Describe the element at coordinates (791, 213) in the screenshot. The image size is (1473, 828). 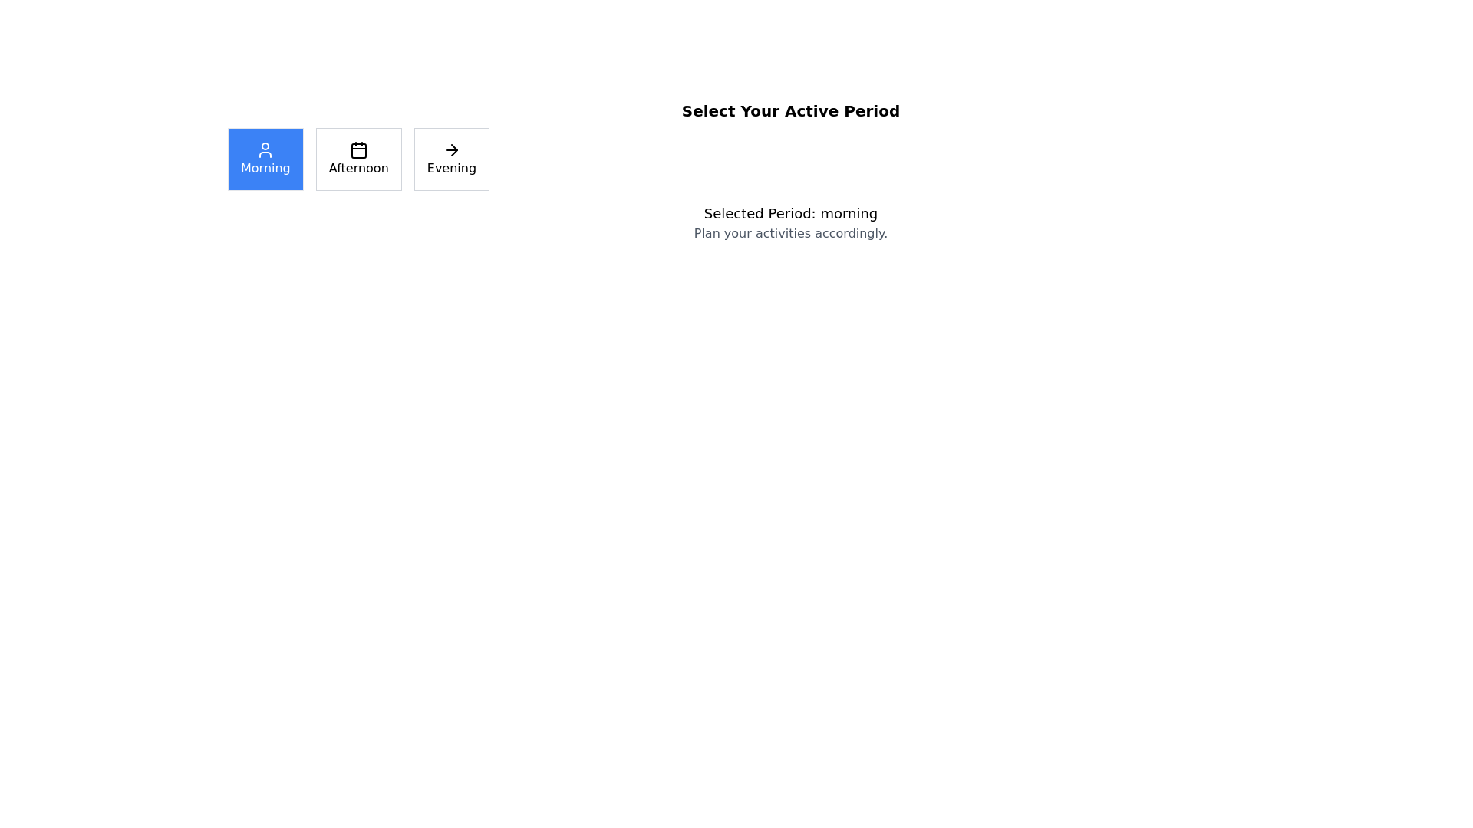
I see `the header or label that indicates the currently selected time period, located centrally towards the top of the interface, above the element stating 'Plan your activities accordingly.'` at that location.